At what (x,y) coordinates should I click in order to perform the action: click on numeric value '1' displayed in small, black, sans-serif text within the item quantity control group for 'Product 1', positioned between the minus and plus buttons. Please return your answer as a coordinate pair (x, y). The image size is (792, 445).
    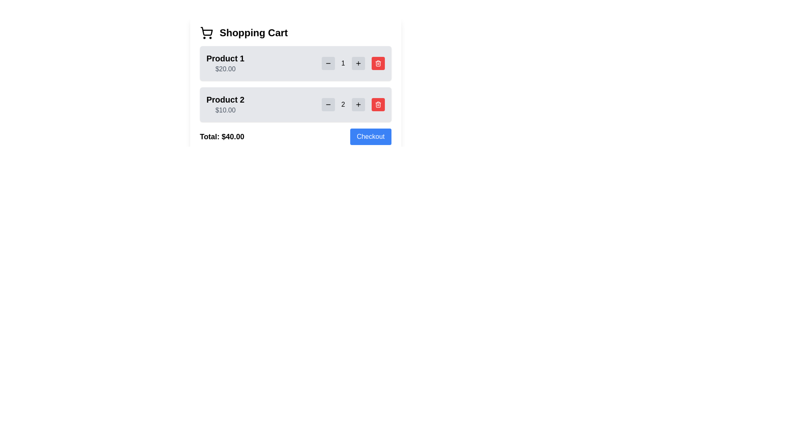
    Looking at the image, I should click on (343, 63).